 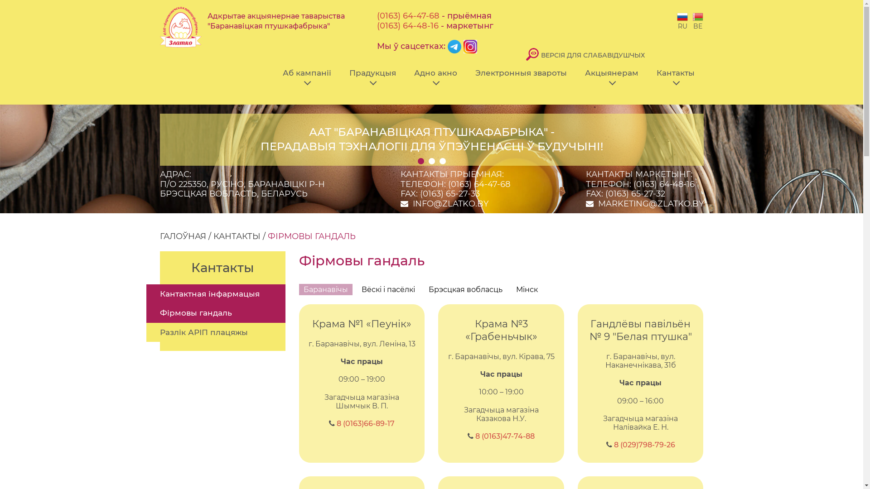 What do you see at coordinates (504, 436) in the screenshot?
I see `'8 (0163)47-74-88'` at bounding box center [504, 436].